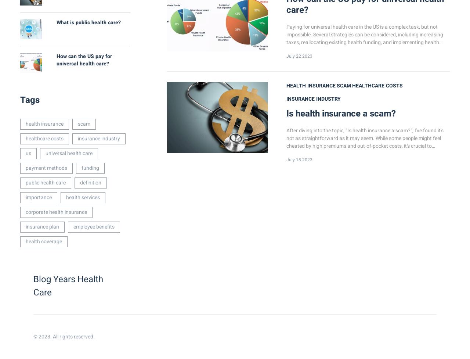  I want to click on 'Tags', so click(29, 100).